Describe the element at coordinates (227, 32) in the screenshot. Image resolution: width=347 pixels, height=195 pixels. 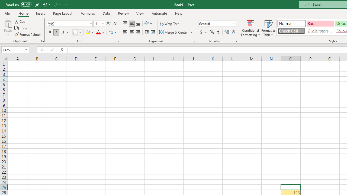
I see `'Increase Decimal'` at that location.